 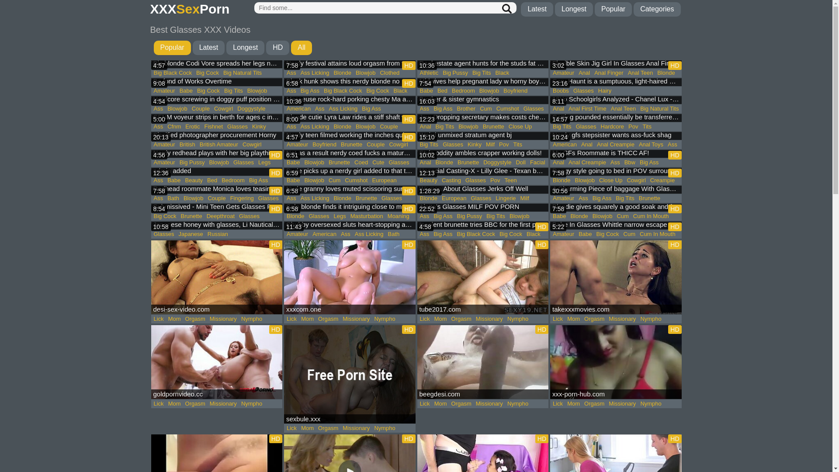 I want to click on 'Big Tits', so click(x=233, y=91).